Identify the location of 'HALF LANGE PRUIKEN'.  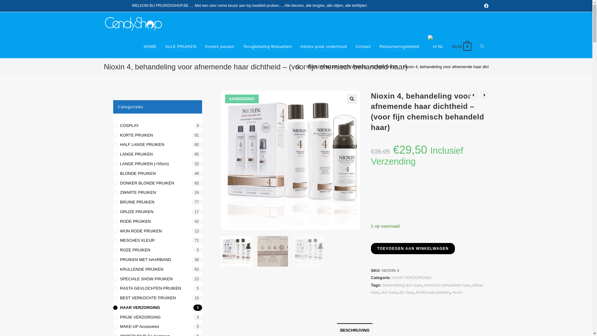
(113, 145).